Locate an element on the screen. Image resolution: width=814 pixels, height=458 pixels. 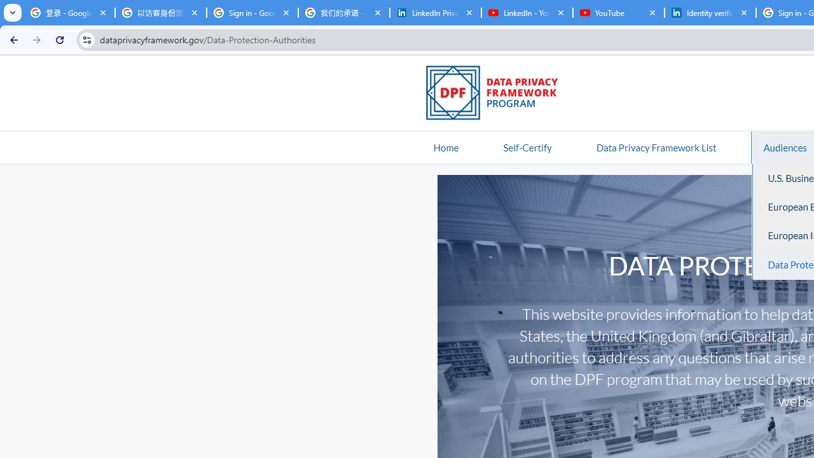
'LinkedIn - YouTube' is located at coordinates (527, 13).